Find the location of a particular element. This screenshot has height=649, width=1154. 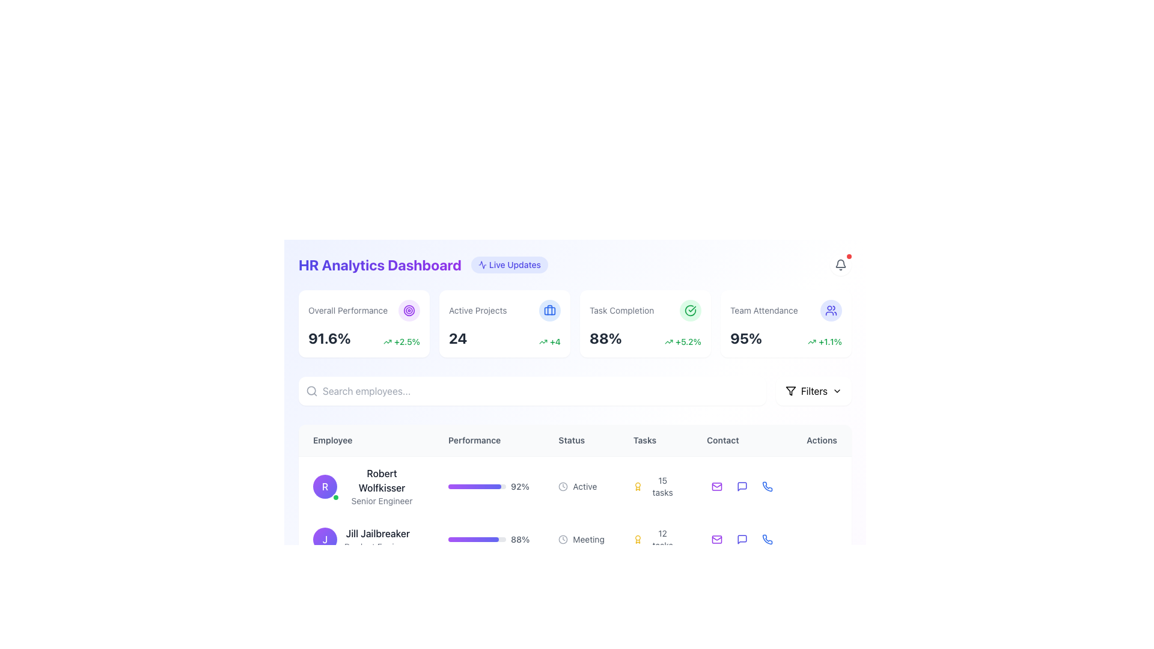

the 'Team Attendance' text label, which is styled in small gray text and located at the top-right of the dashboard interface, to the left of a rounded icon with a purple background is located at coordinates (763, 309).